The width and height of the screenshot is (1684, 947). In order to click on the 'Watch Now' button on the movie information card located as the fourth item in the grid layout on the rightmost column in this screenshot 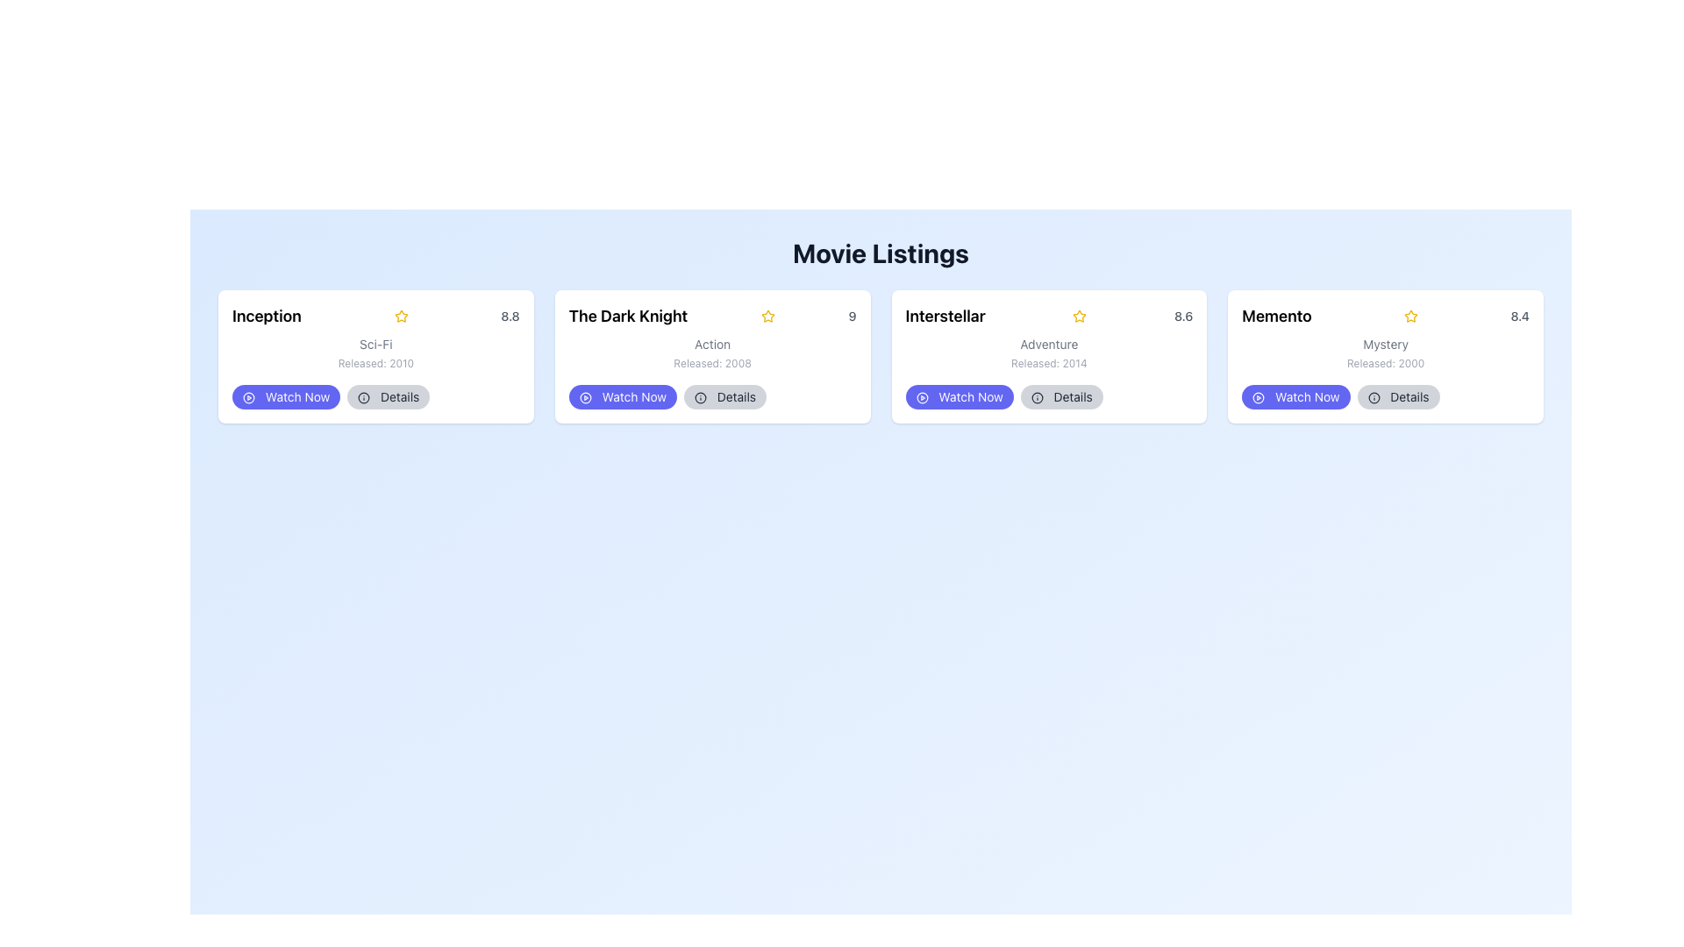, I will do `click(1384, 356)`.